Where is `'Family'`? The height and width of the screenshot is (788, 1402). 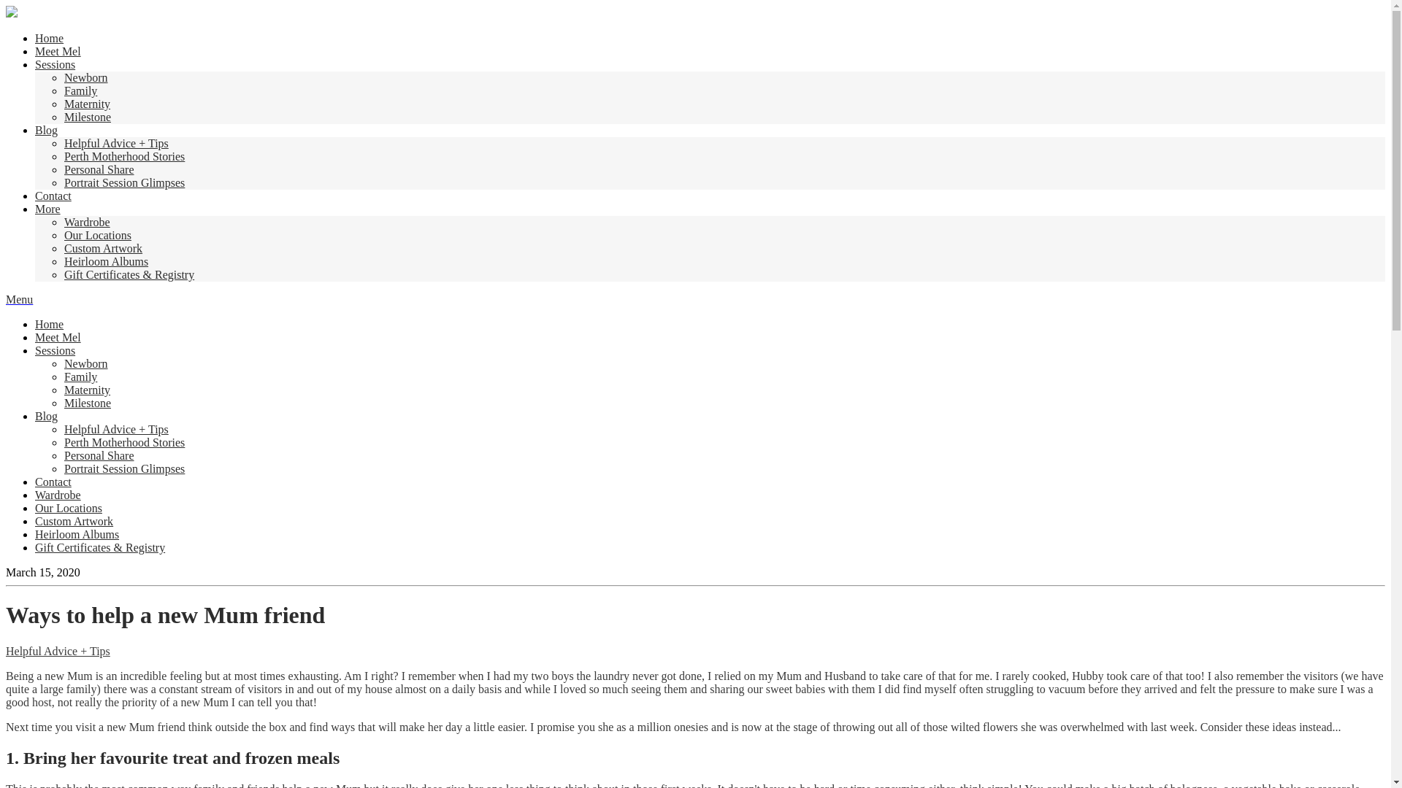 'Family' is located at coordinates (63, 376).